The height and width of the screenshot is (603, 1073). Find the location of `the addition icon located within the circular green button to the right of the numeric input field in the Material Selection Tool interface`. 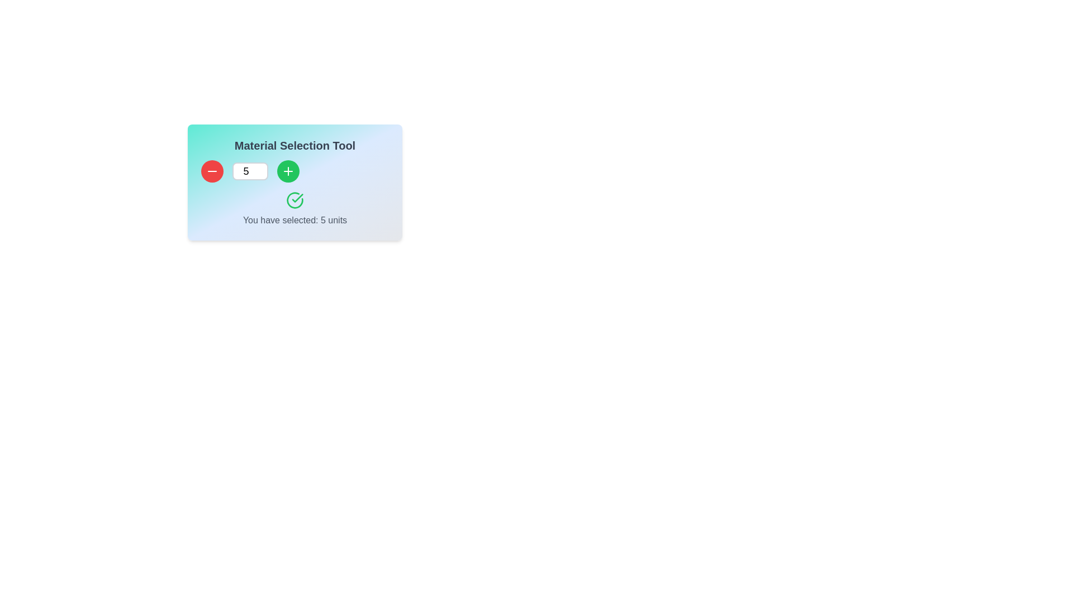

the addition icon located within the circular green button to the right of the numeric input field in the Material Selection Tool interface is located at coordinates (288, 171).